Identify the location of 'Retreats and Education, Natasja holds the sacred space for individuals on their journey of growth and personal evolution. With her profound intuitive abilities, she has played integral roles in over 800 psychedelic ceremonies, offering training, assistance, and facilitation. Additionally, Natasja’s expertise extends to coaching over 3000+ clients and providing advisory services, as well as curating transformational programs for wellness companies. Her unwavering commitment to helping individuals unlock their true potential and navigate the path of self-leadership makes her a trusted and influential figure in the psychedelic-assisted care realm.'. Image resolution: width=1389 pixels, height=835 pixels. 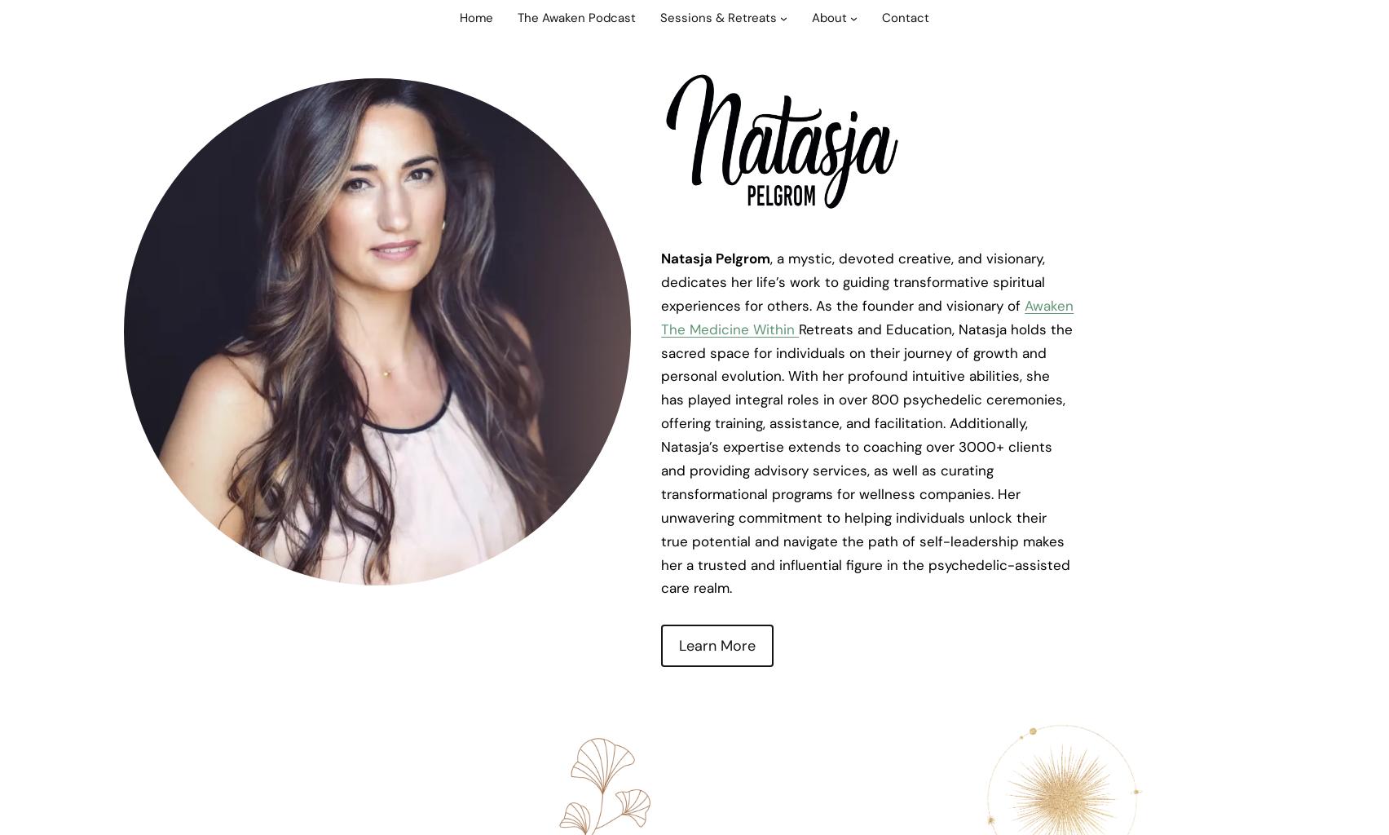
(866, 457).